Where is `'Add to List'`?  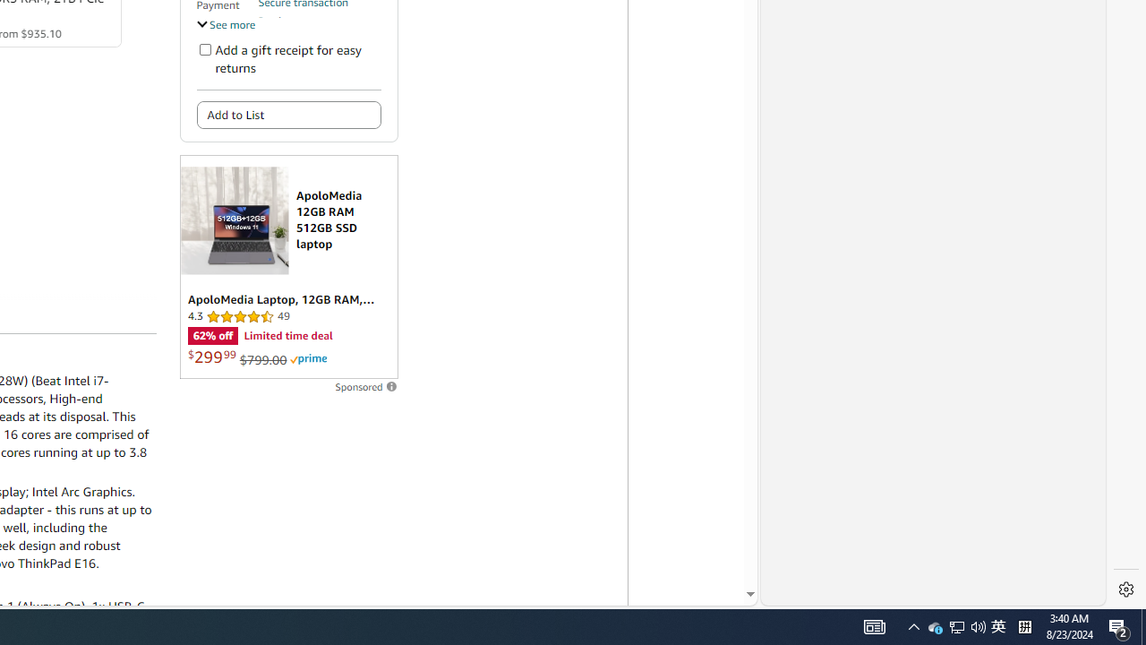
'Add to List' is located at coordinates (288, 115).